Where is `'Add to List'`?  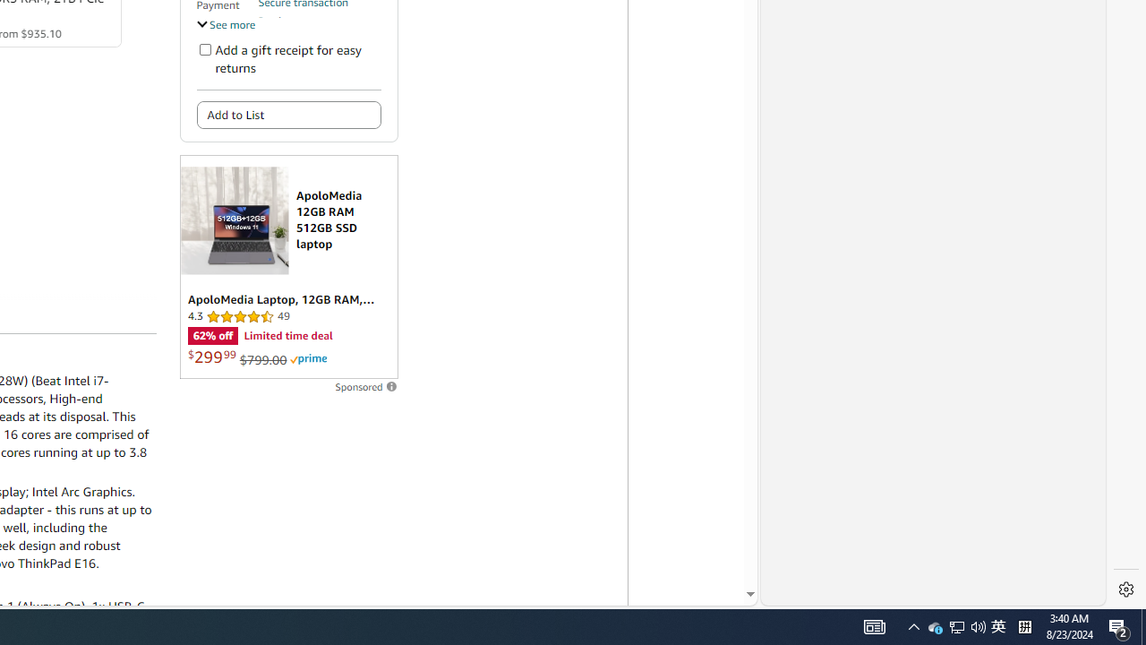
'Add to List' is located at coordinates (288, 115).